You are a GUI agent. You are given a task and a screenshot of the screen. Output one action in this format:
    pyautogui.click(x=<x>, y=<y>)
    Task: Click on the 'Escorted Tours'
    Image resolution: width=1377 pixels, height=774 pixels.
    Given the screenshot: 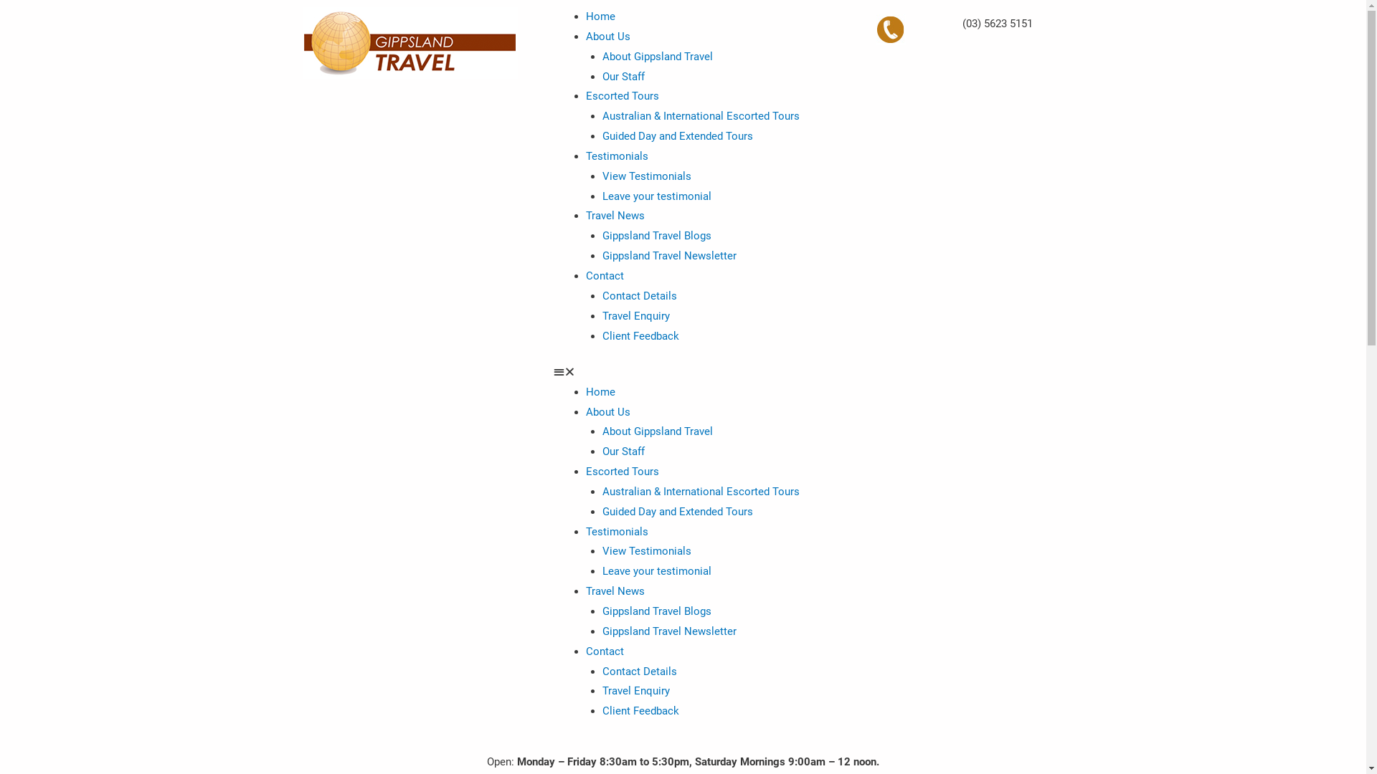 What is the action you would take?
    pyautogui.click(x=585, y=472)
    